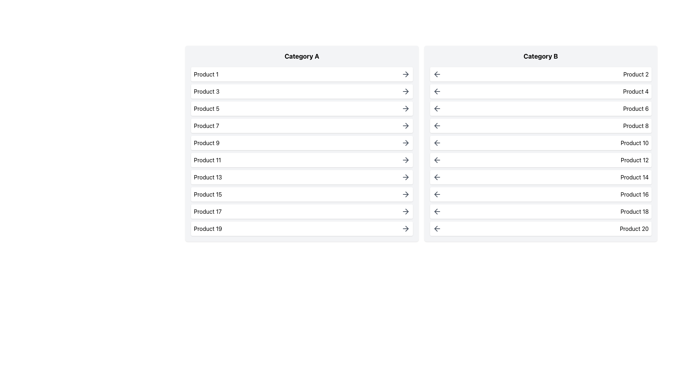 The width and height of the screenshot is (687, 386). I want to click on the right-pointing dark gray arrow icon at the end of the 'Product 15' list entry, so click(405, 194).